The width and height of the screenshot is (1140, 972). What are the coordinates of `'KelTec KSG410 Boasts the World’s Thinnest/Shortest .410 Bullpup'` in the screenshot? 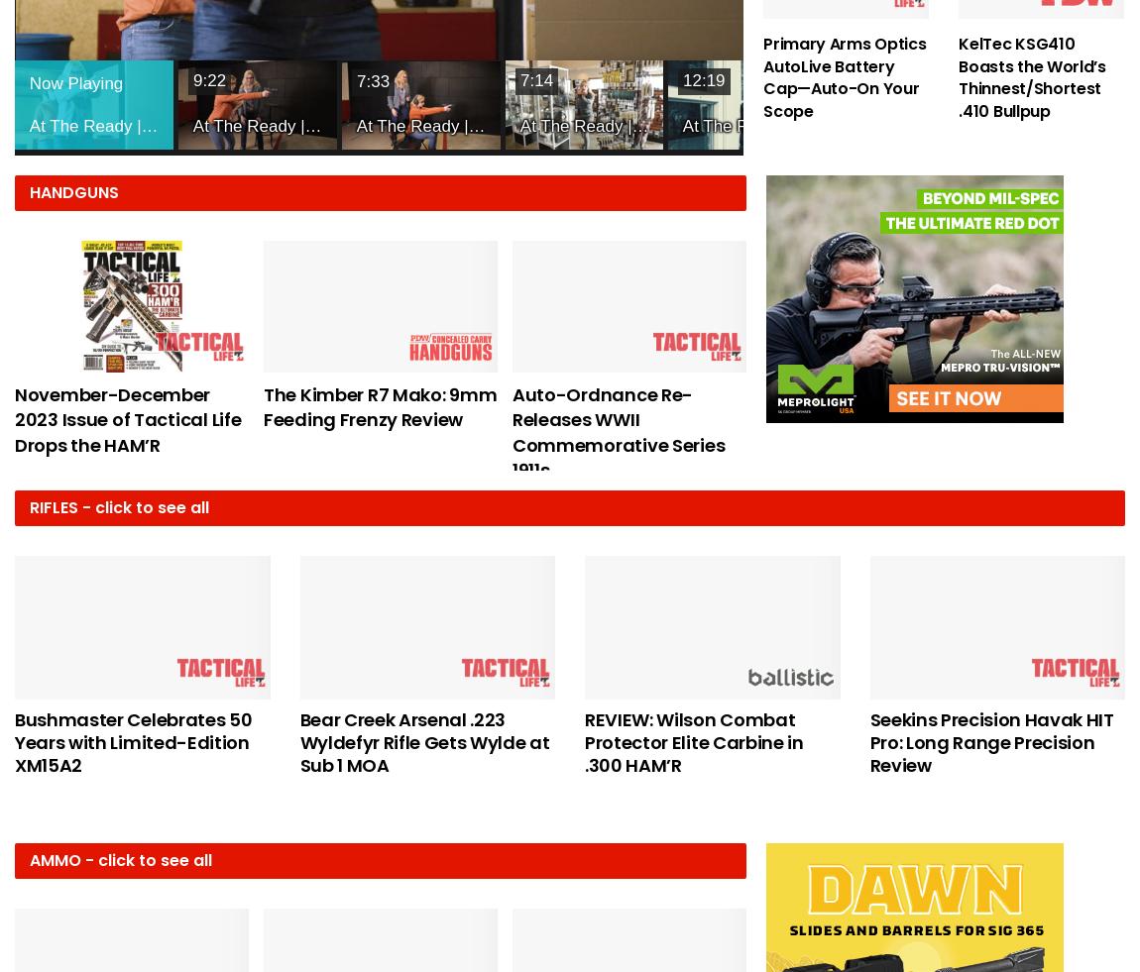 It's located at (1031, 75).